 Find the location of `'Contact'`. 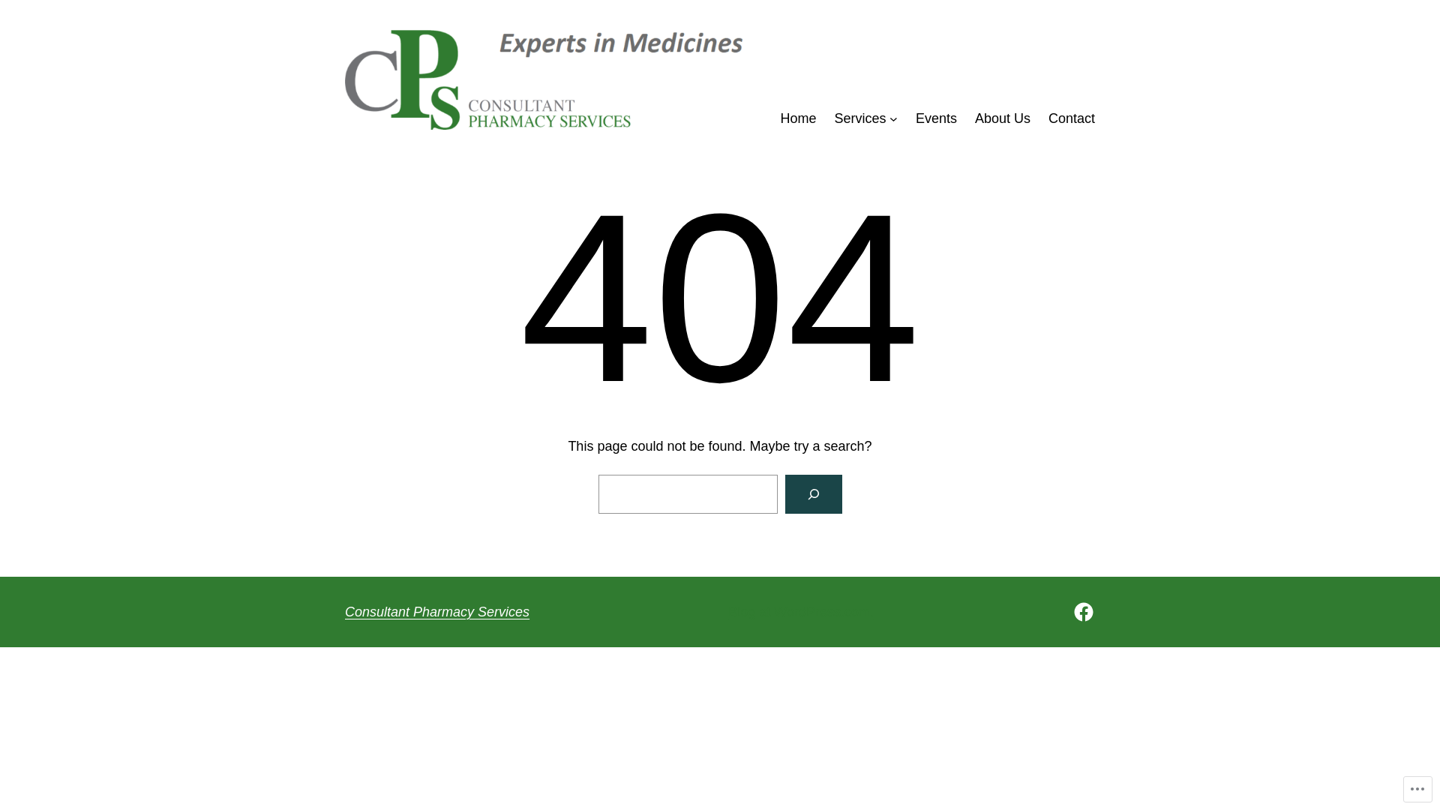

'Contact' is located at coordinates (1071, 118).